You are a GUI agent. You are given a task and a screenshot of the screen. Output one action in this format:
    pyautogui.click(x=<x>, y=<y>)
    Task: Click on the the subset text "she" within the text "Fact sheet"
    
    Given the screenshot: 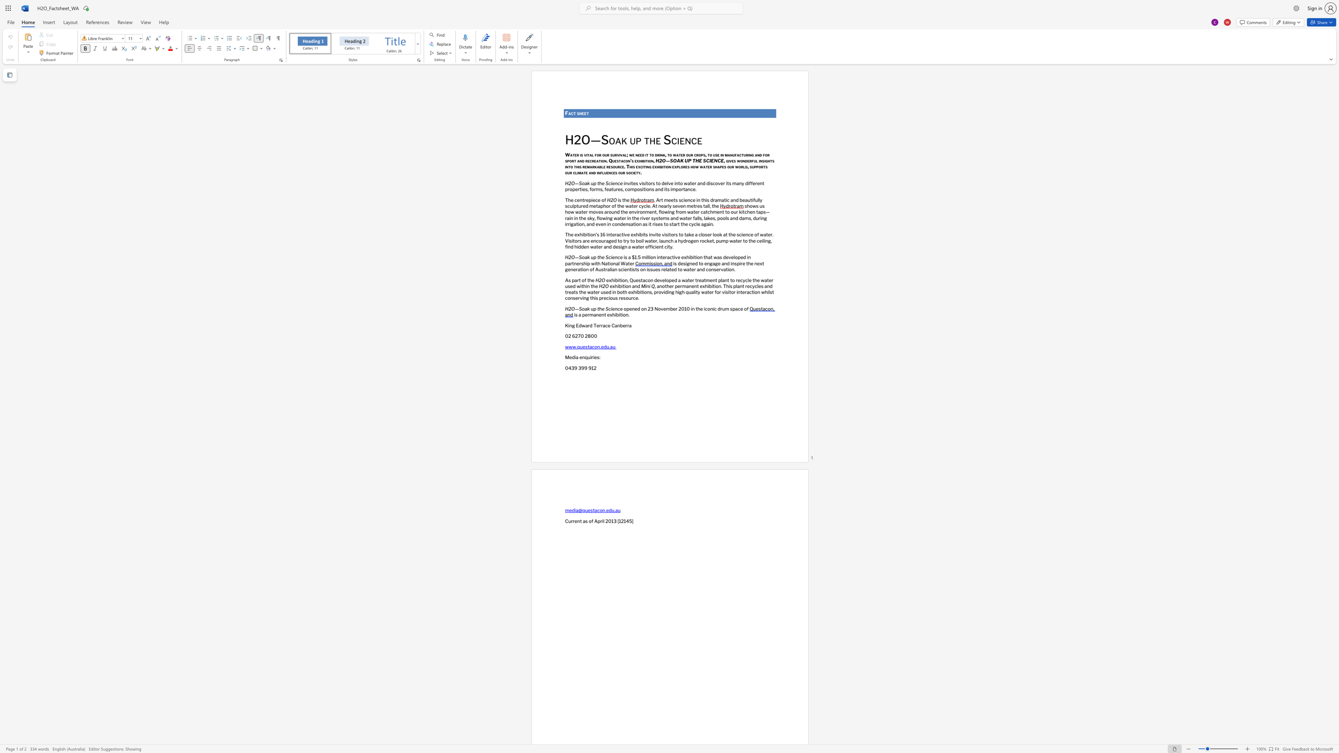 What is the action you would take?
    pyautogui.click(x=577, y=113)
    